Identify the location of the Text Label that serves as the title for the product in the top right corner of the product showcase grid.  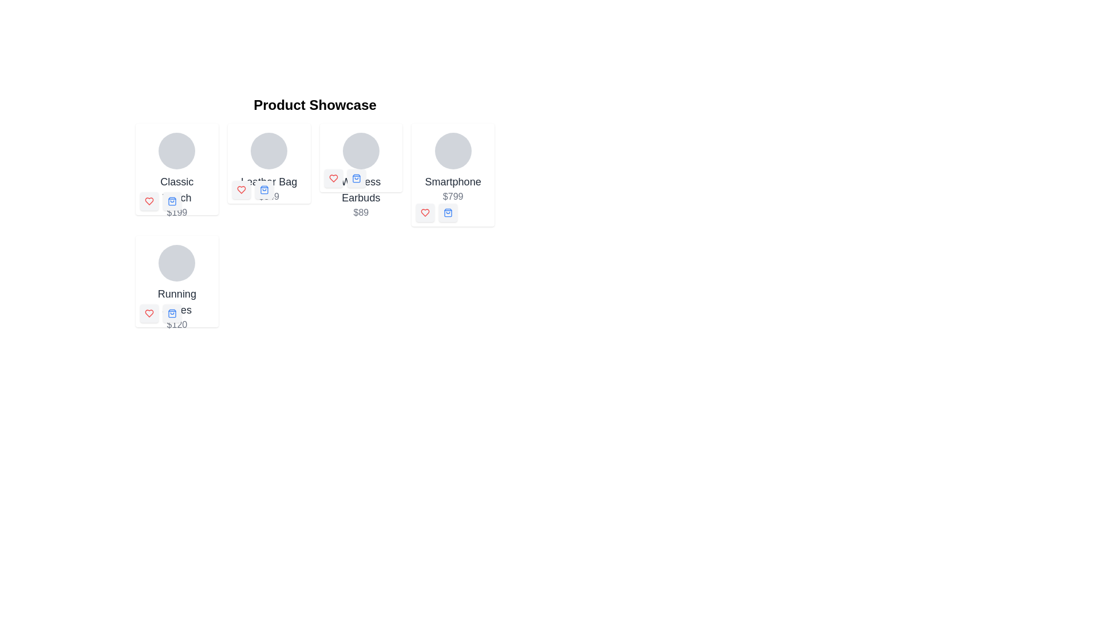
(452, 181).